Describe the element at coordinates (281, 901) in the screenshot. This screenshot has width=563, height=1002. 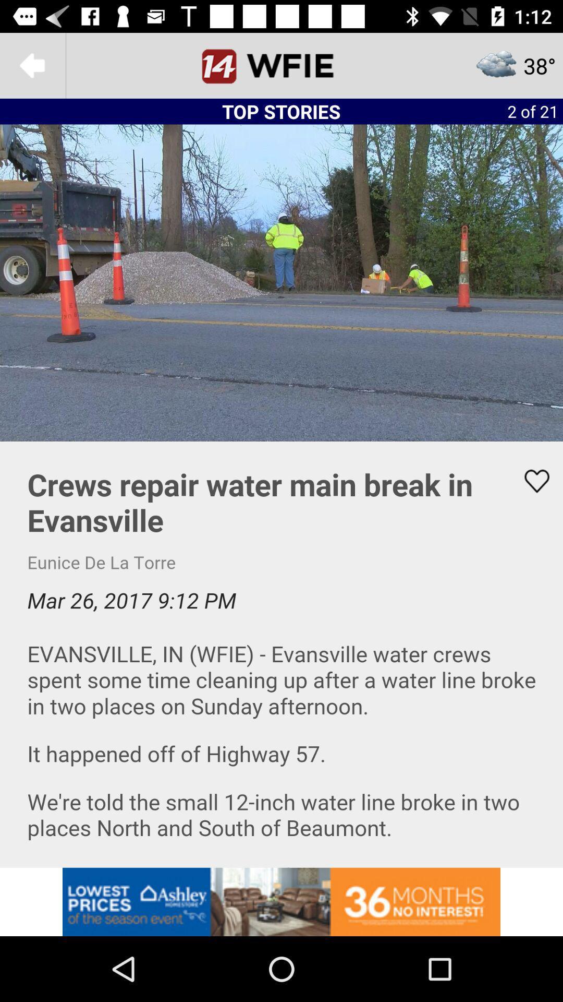
I see `advertisement` at that location.